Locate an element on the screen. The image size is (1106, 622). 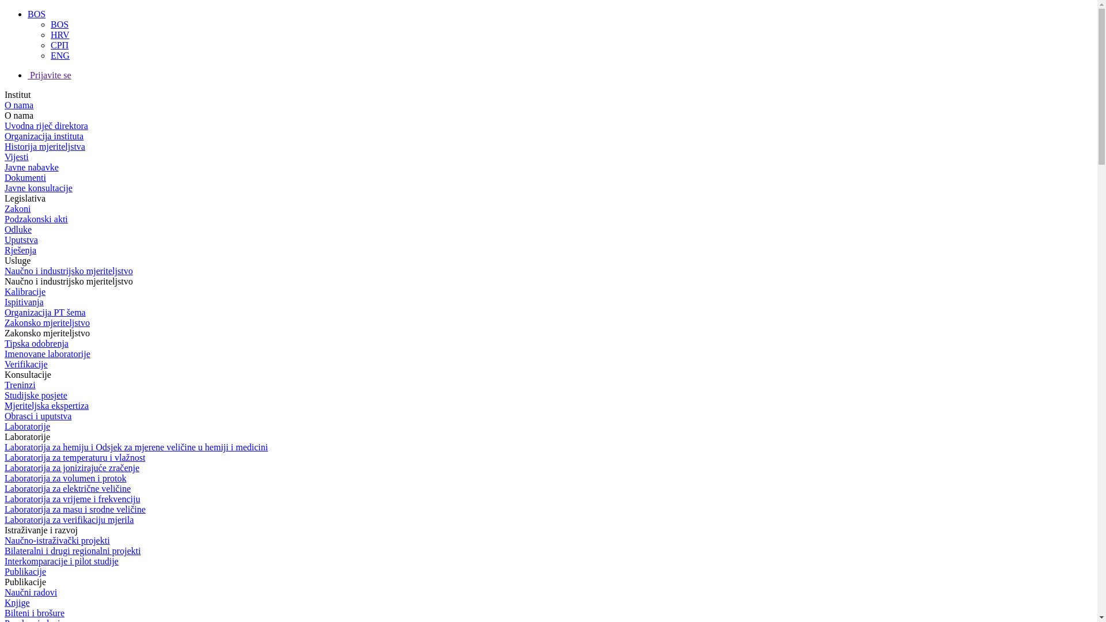
'Publikacije' is located at coordinates (25, 571).